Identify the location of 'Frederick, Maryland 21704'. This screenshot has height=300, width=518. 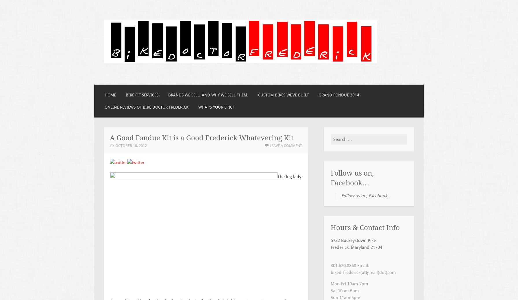
(356, 247).